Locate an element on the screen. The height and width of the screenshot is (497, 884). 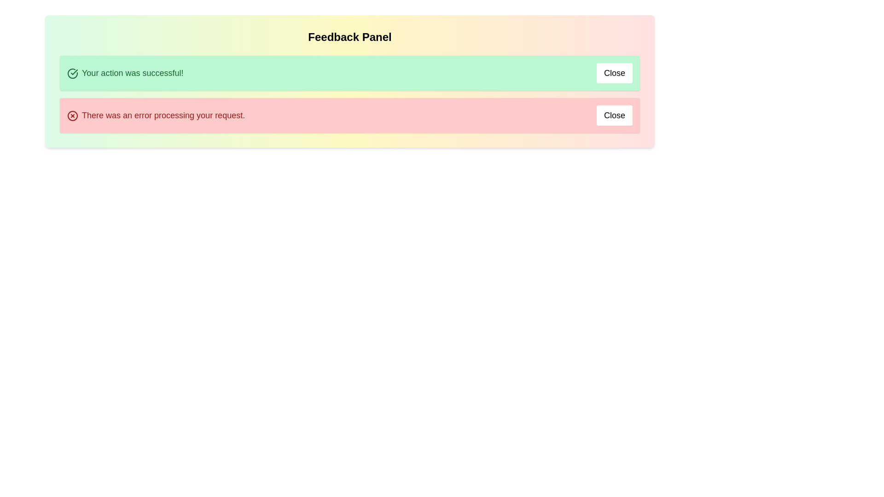
the 'Close' button which is a rectangular button with rounded edges, white background, and black text, located on the right side of a green notification bar that says 'Your action was successful!' is located at coordinates (614, 72).